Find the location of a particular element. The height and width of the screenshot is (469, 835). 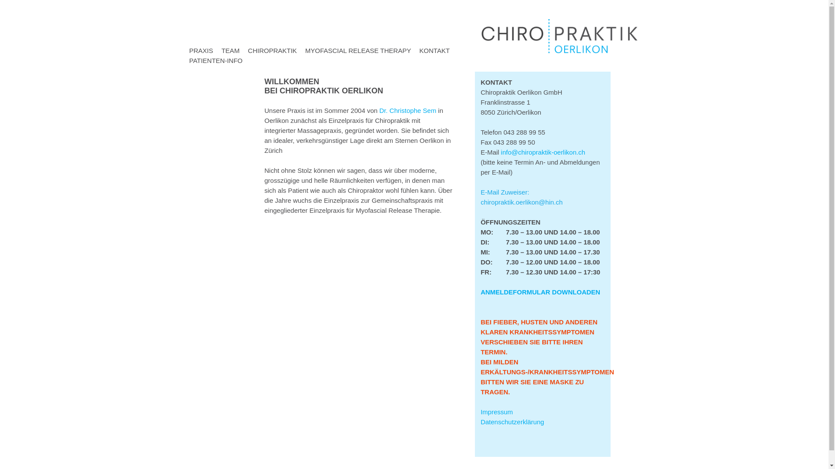

'Dr. Christophe Sem' is located at coordinates (407, 110).